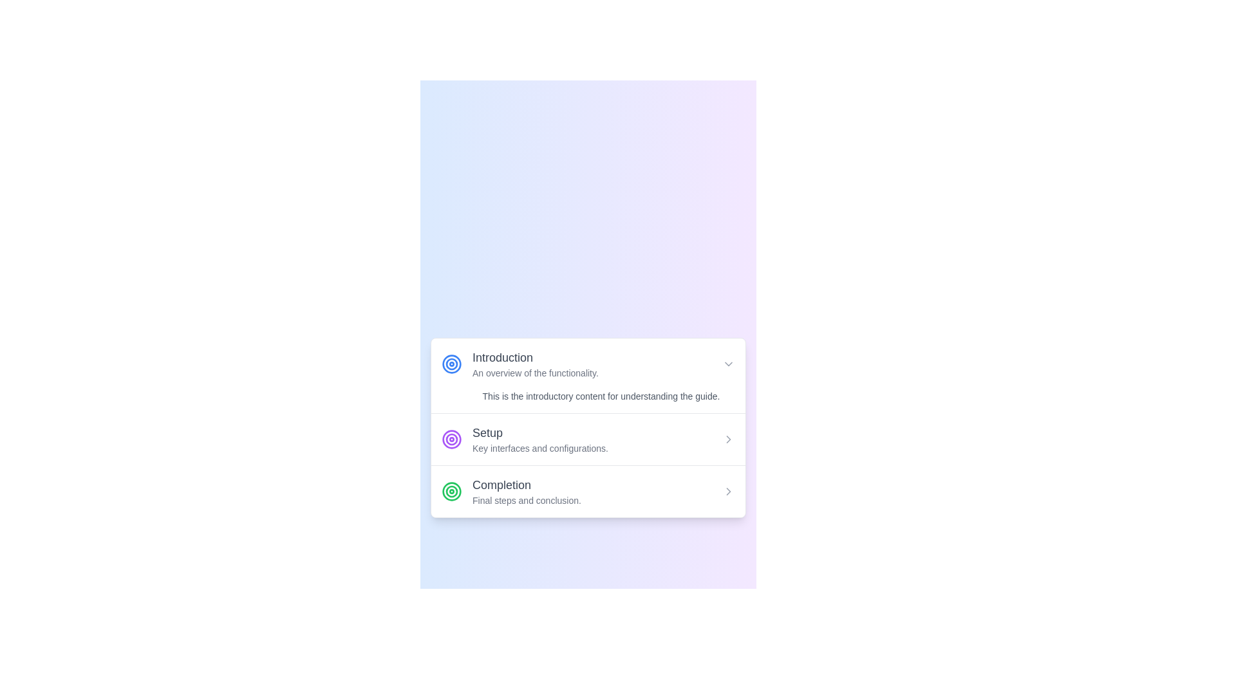 The image size is (1236, 695). Describe the element at coordinates (587, 438) in the screenshot. I see `the interactive list item titled 'Setup' with the subtitle 'Key interfaces and configurations'` at that location.